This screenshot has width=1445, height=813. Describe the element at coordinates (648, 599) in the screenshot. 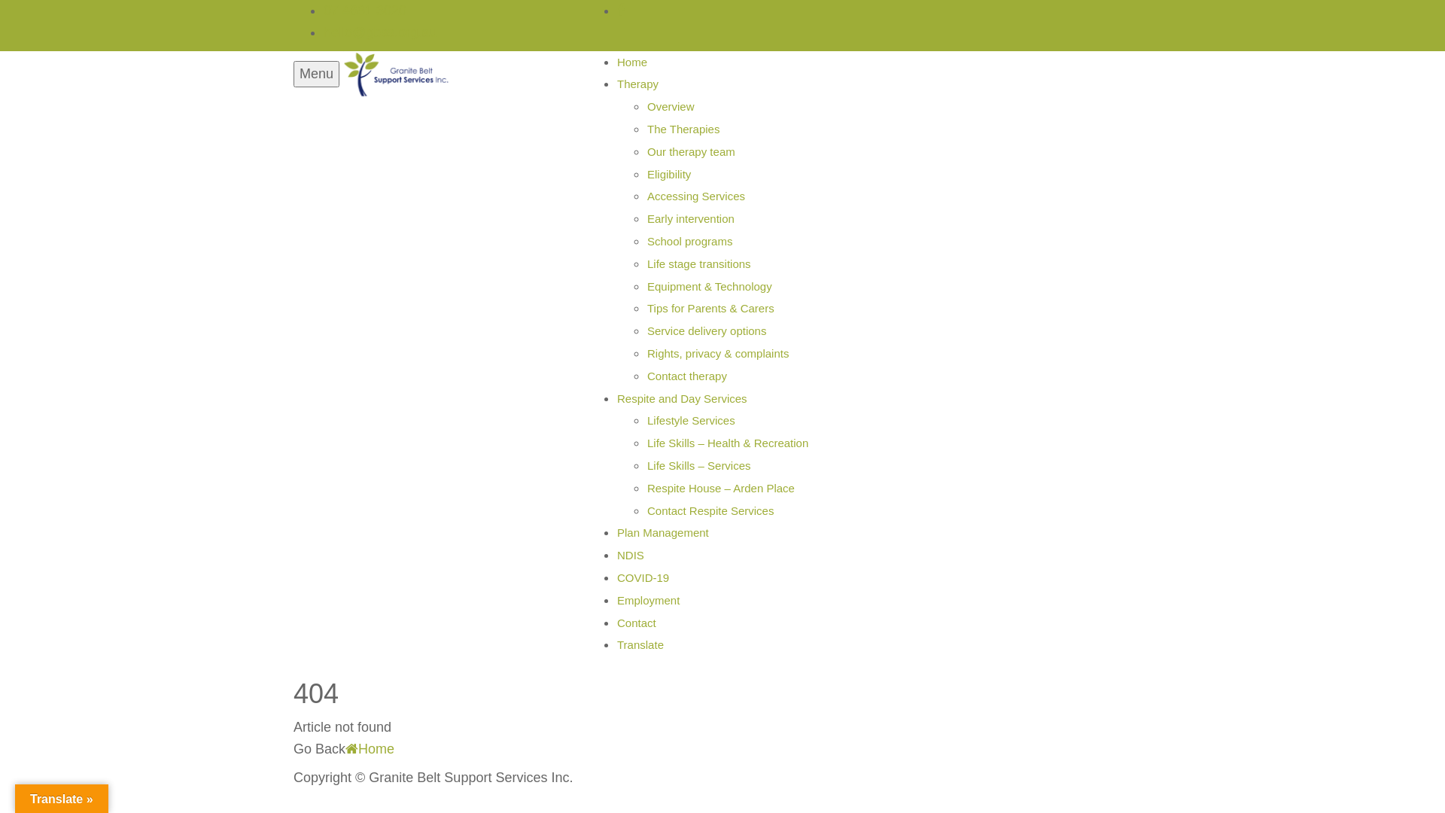

I see `'Employment'` at that location.